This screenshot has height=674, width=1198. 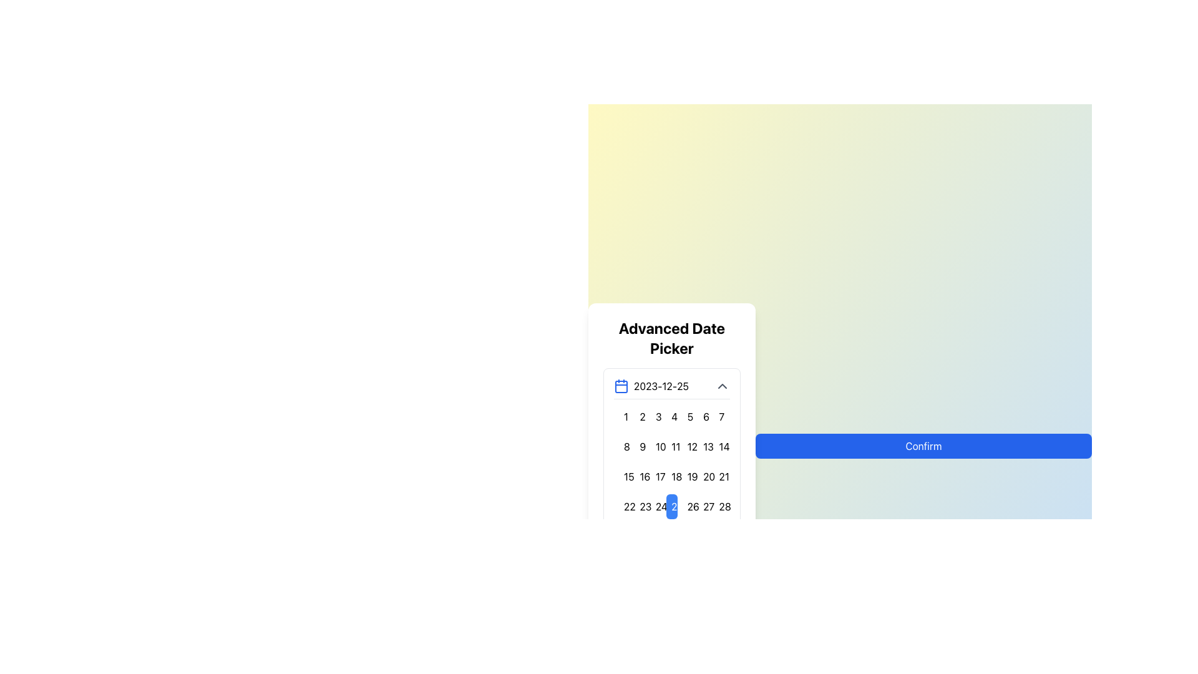 What do you see at coordinates (670, 445) in the screenshot?
I see `the button displaying the number '11' in the Advanced Date Picker grid` at bounding box center [670, 445].